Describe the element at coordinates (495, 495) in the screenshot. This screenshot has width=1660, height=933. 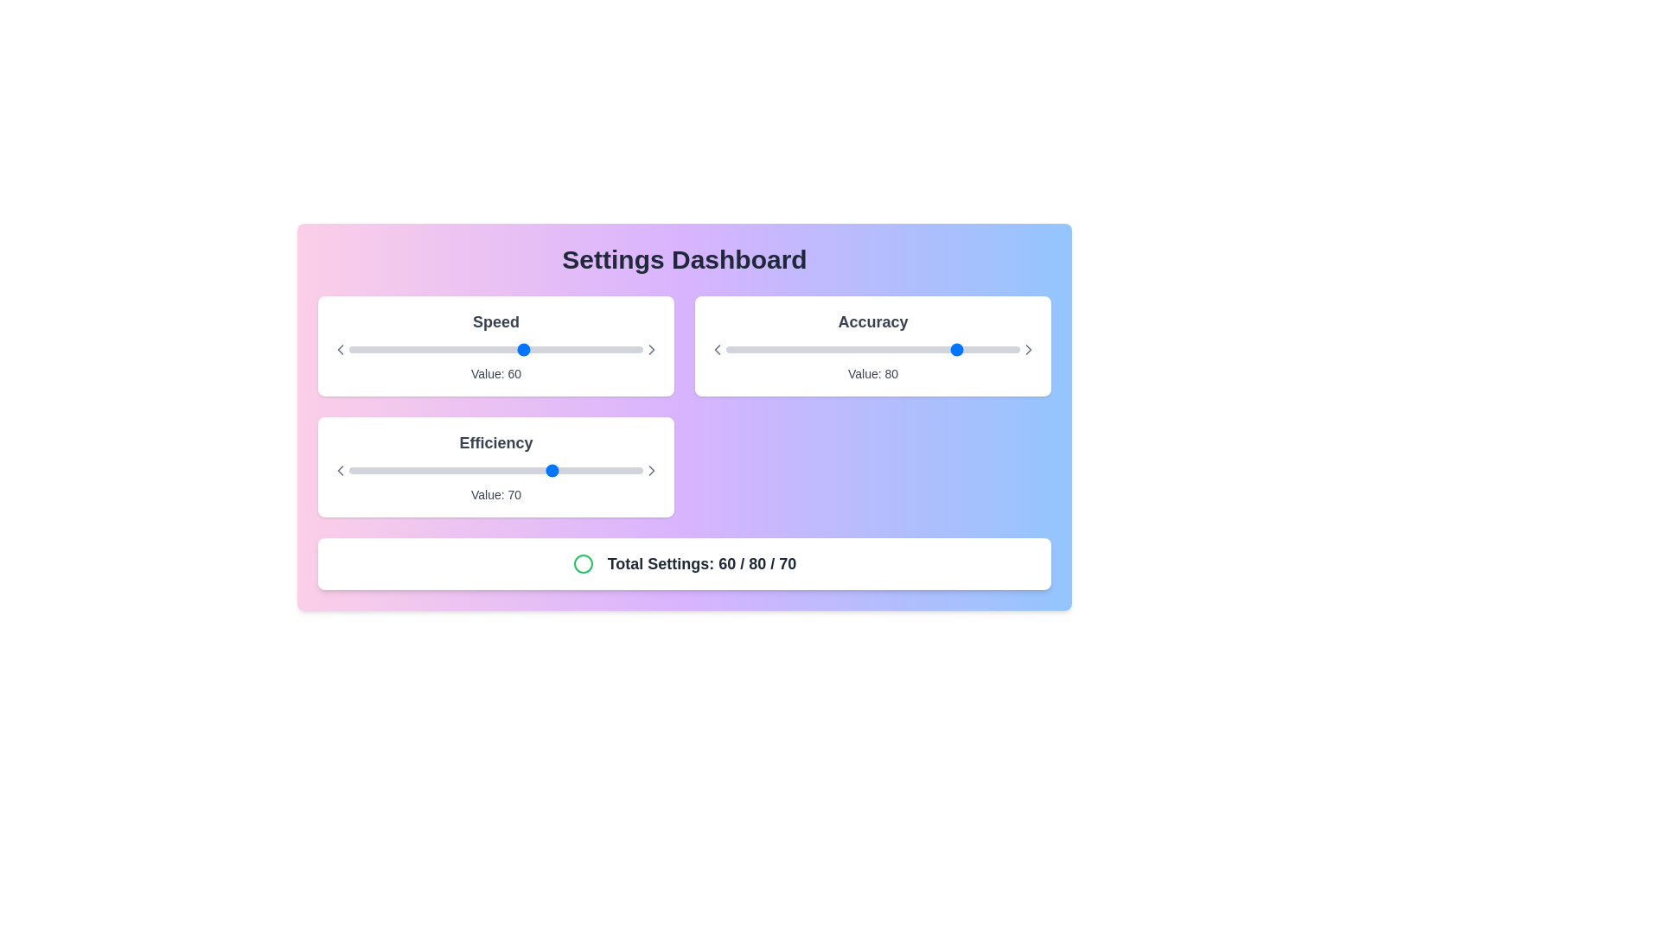
I see `the static text element displaying 'Value: 70' located beneath the range slider in the 'Efficiency' section` at that location.